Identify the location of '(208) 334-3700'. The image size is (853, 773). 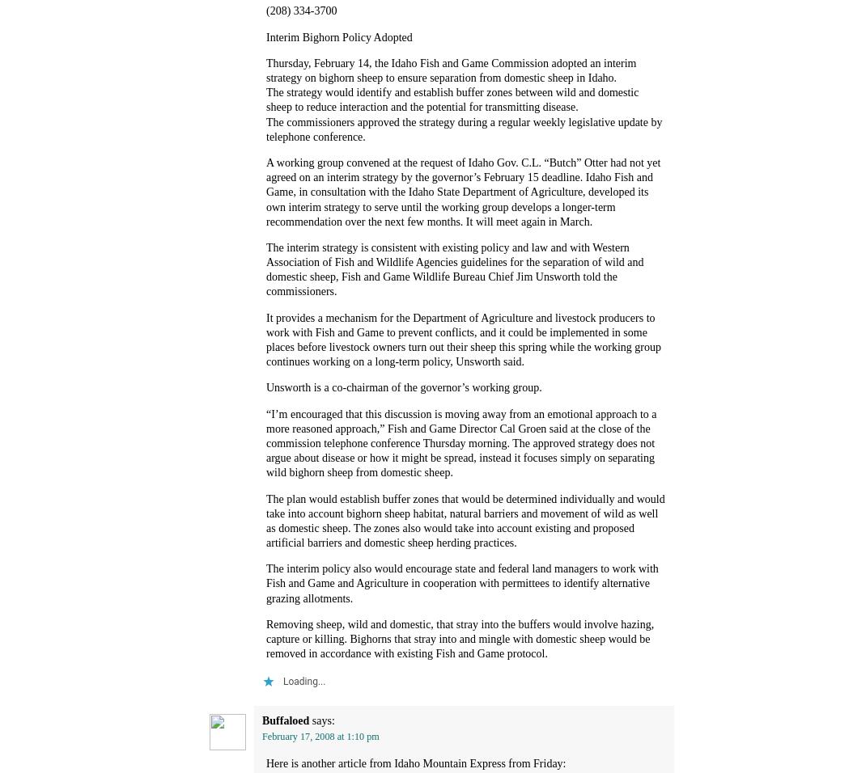
(300, 10).